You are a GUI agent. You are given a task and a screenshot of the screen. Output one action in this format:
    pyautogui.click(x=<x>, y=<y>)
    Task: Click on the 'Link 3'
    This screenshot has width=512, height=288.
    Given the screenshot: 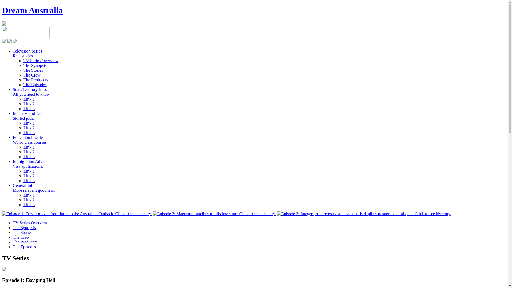 What is the action you would take?
    pyautogui.click(x=29, y=204)
    